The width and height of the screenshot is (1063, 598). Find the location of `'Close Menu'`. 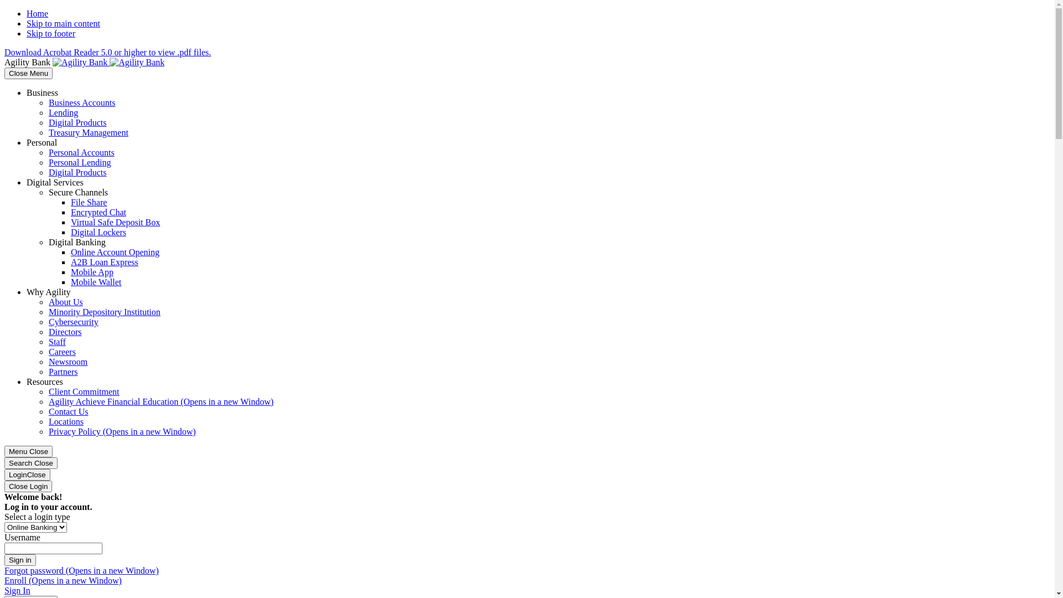

'Close Menu' is located at coordinates (28, 73).